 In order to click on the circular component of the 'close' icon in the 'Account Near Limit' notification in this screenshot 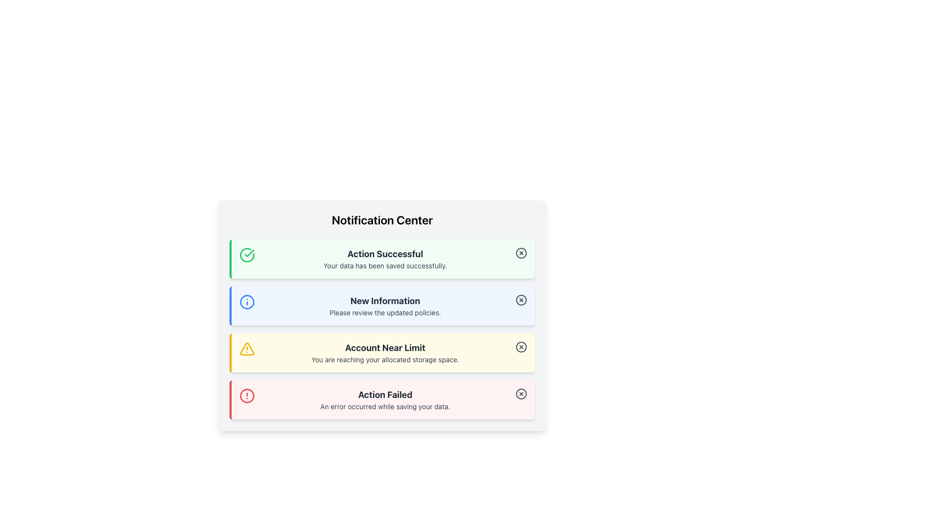, I will do `click(521, 346)`.